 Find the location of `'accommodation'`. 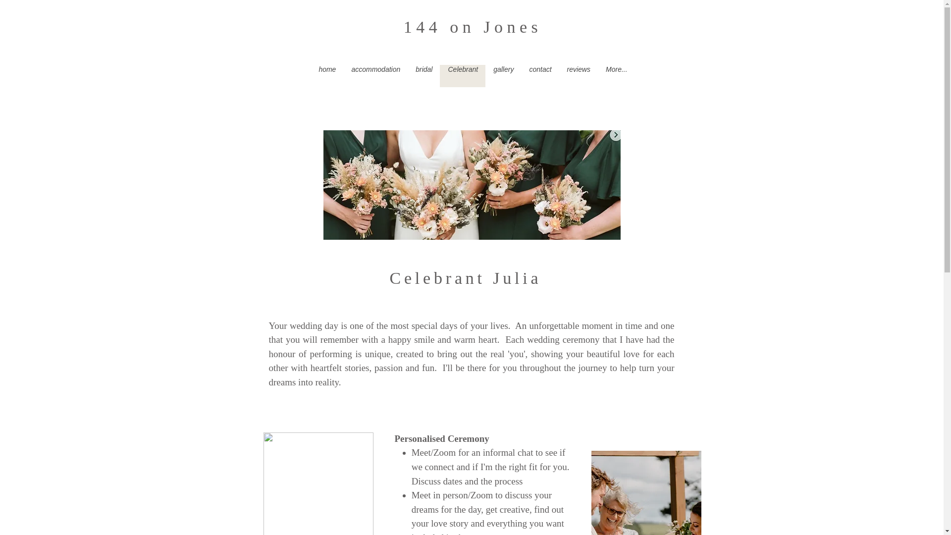

'accommodation' is located at coordinates (375, 75).